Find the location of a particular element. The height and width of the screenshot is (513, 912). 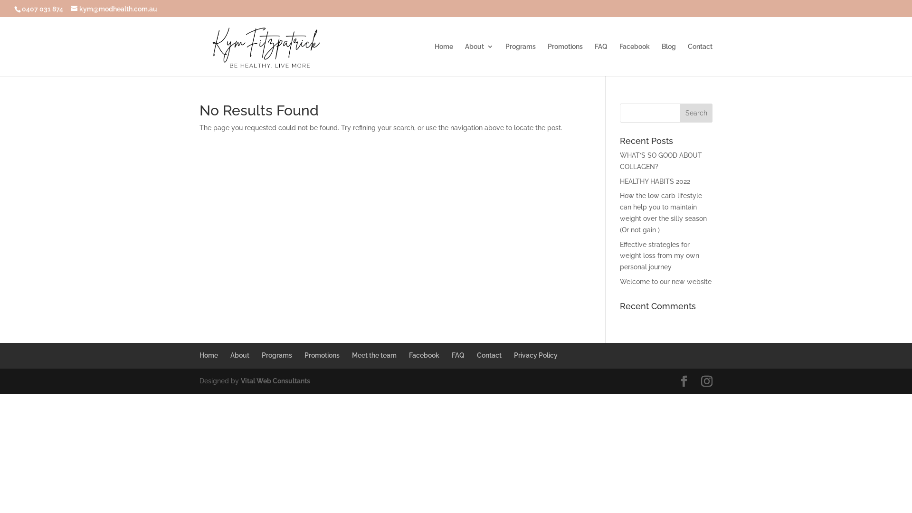

'Welcome to our new website' is located at coordinates (620, 281).